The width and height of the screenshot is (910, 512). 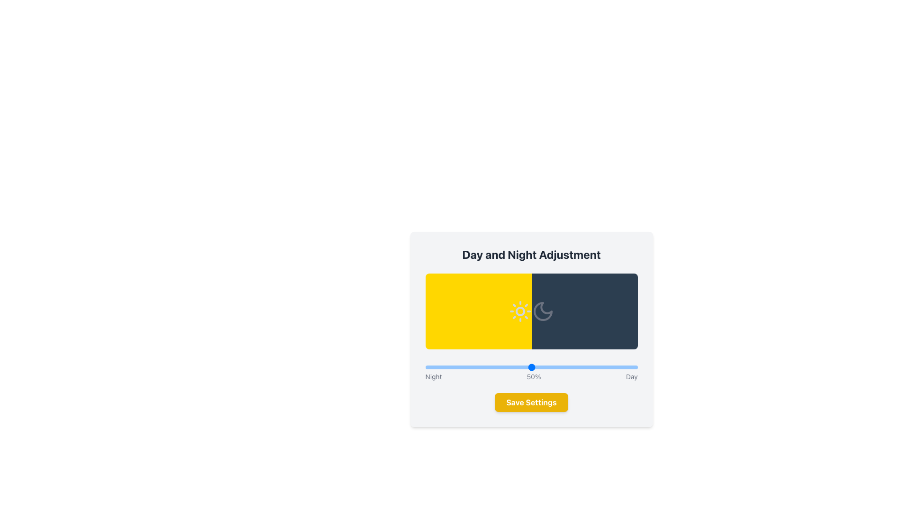 What do you see at coordinates (543, 311) in the screenshot?
I see `the crescent moon icon, which is a white curved crescent shape on a dark blue background, located within the dark blue half of the rectangular section representing night, below the 'Day and Night Adjustment' heading` at bounding box center [543, 311].